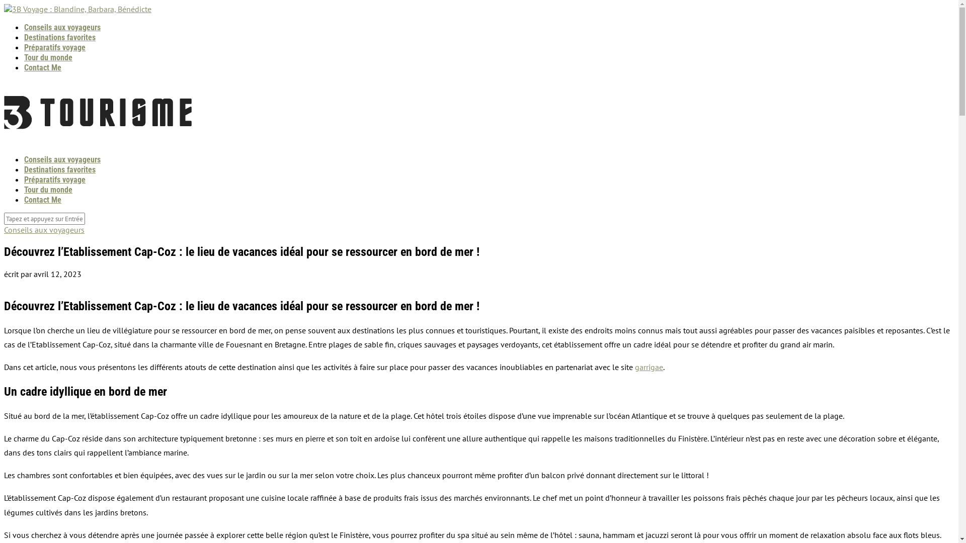 The height and width of the screenshot is (543, 966). Describe the element at coordinates (48, 57) in the screenshot. I see `'Tour du monde'` at that location.